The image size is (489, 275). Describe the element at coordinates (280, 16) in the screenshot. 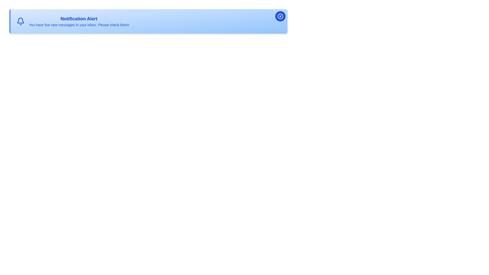

I see `the close button to dismiss the notification` at that location.